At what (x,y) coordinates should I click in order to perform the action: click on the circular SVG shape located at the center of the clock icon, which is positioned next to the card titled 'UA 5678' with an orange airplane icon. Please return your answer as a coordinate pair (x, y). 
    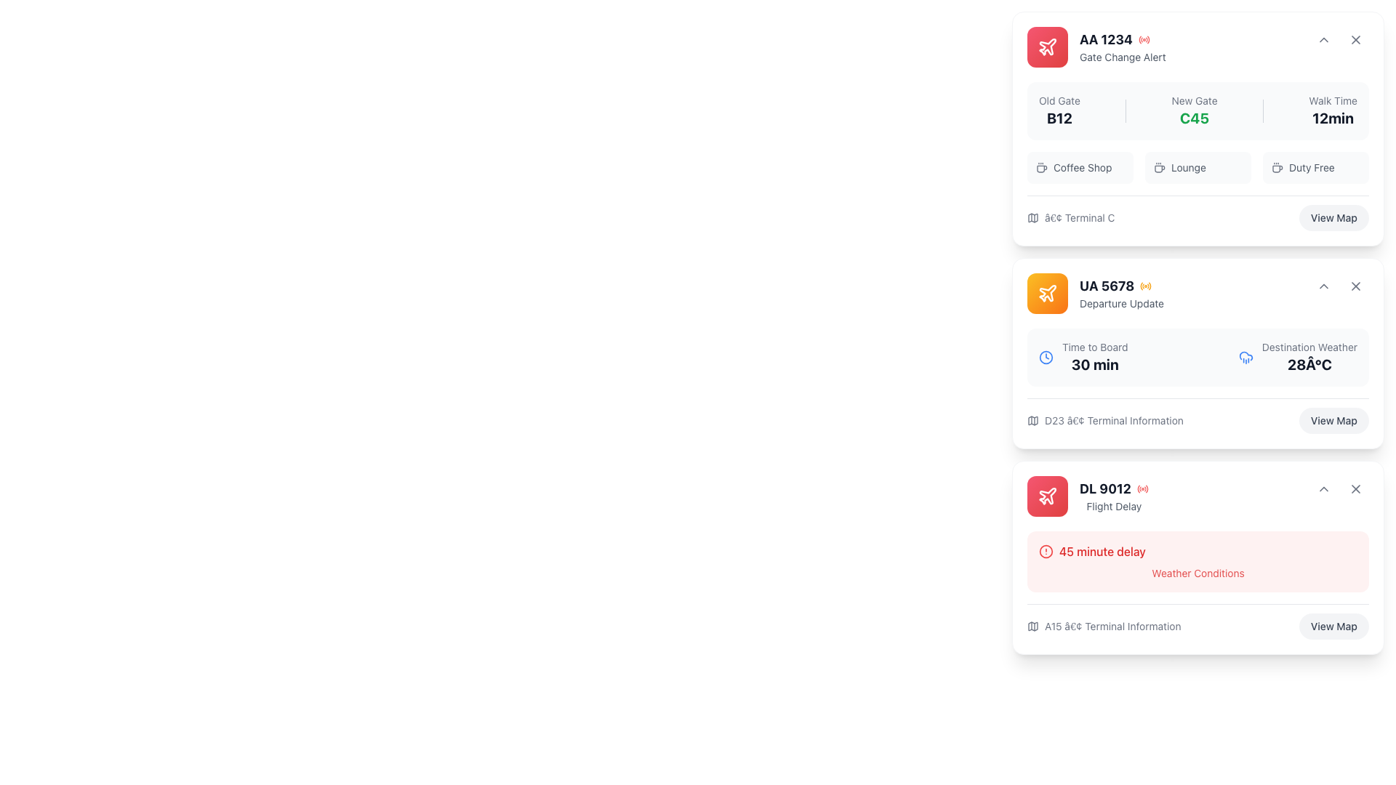
    Looking at the image, I should click on (1046, 358).